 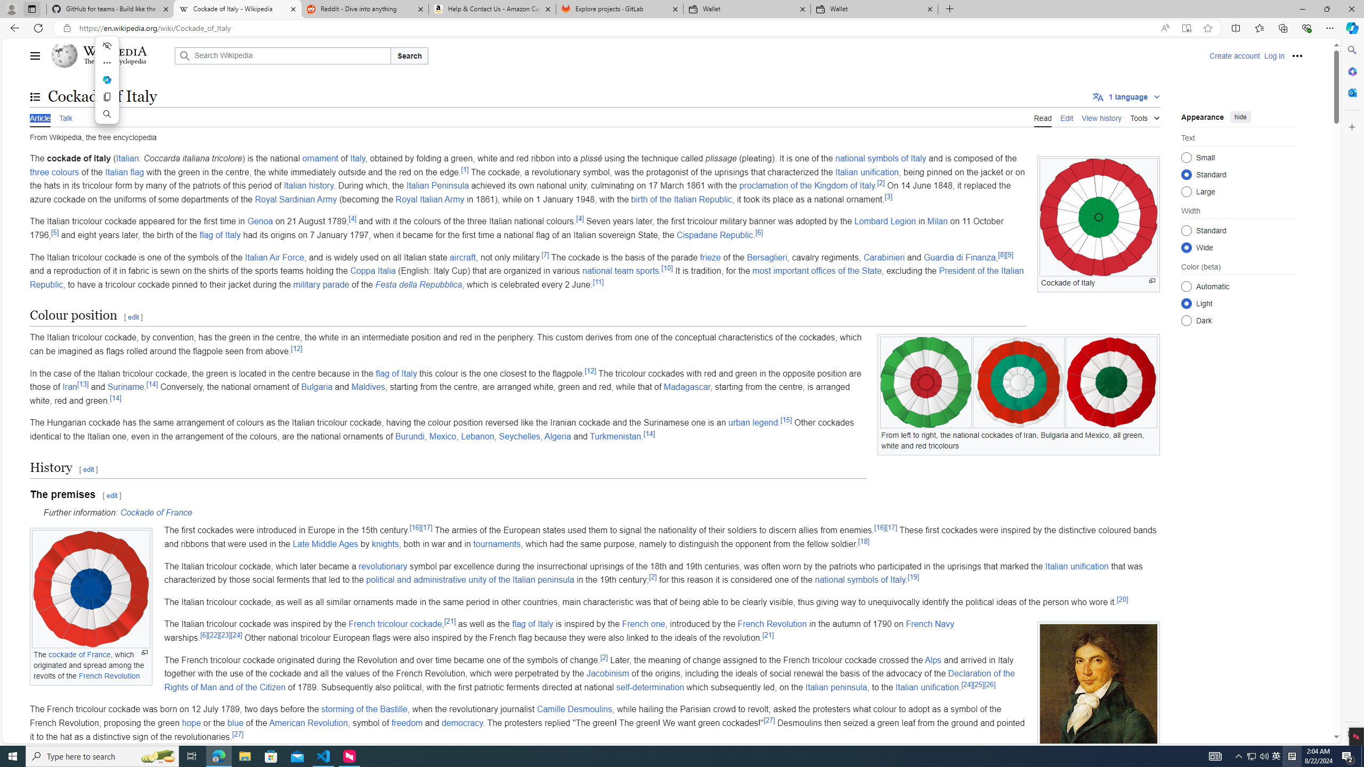 What do you see at coordinates (321, 284) in the screenshot?
I see `'military parade'` at bounding box center [321, 284].